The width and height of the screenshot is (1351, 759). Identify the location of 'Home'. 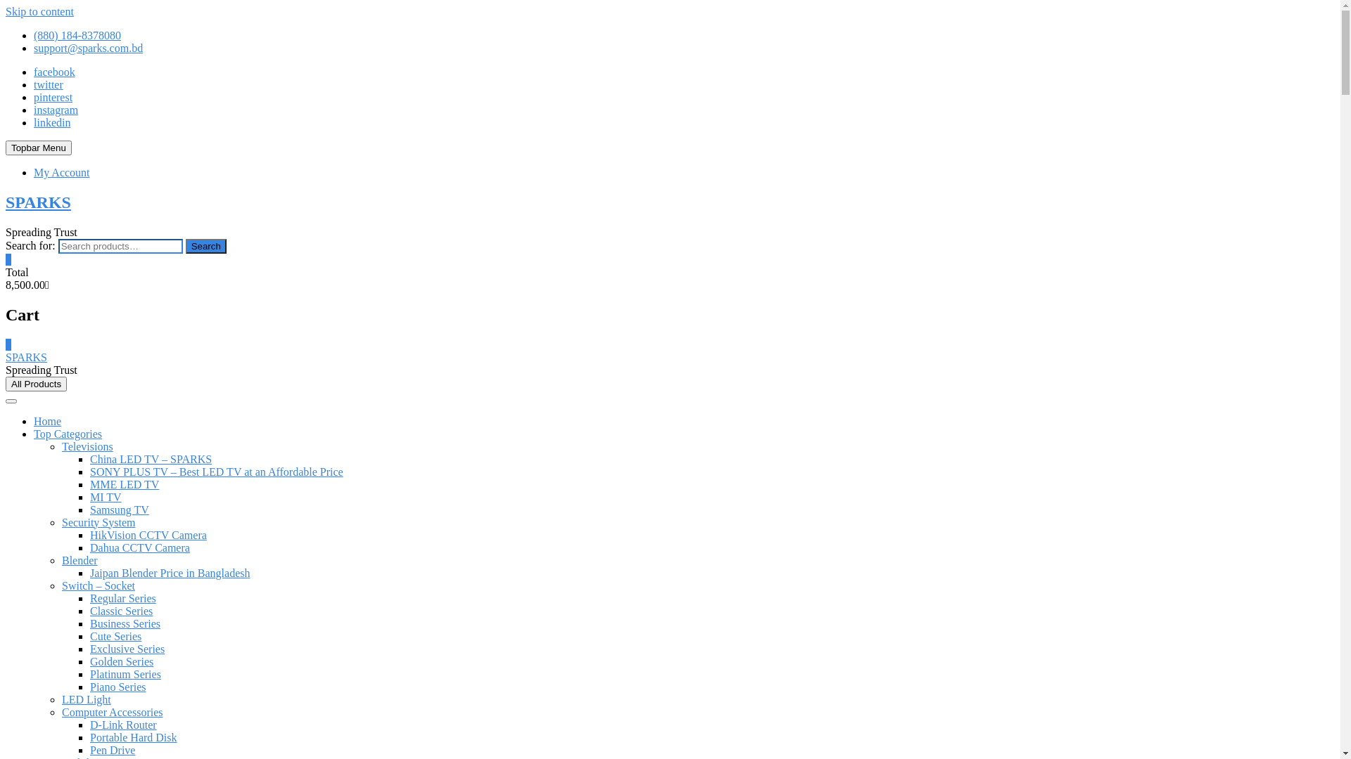
(47, 420).